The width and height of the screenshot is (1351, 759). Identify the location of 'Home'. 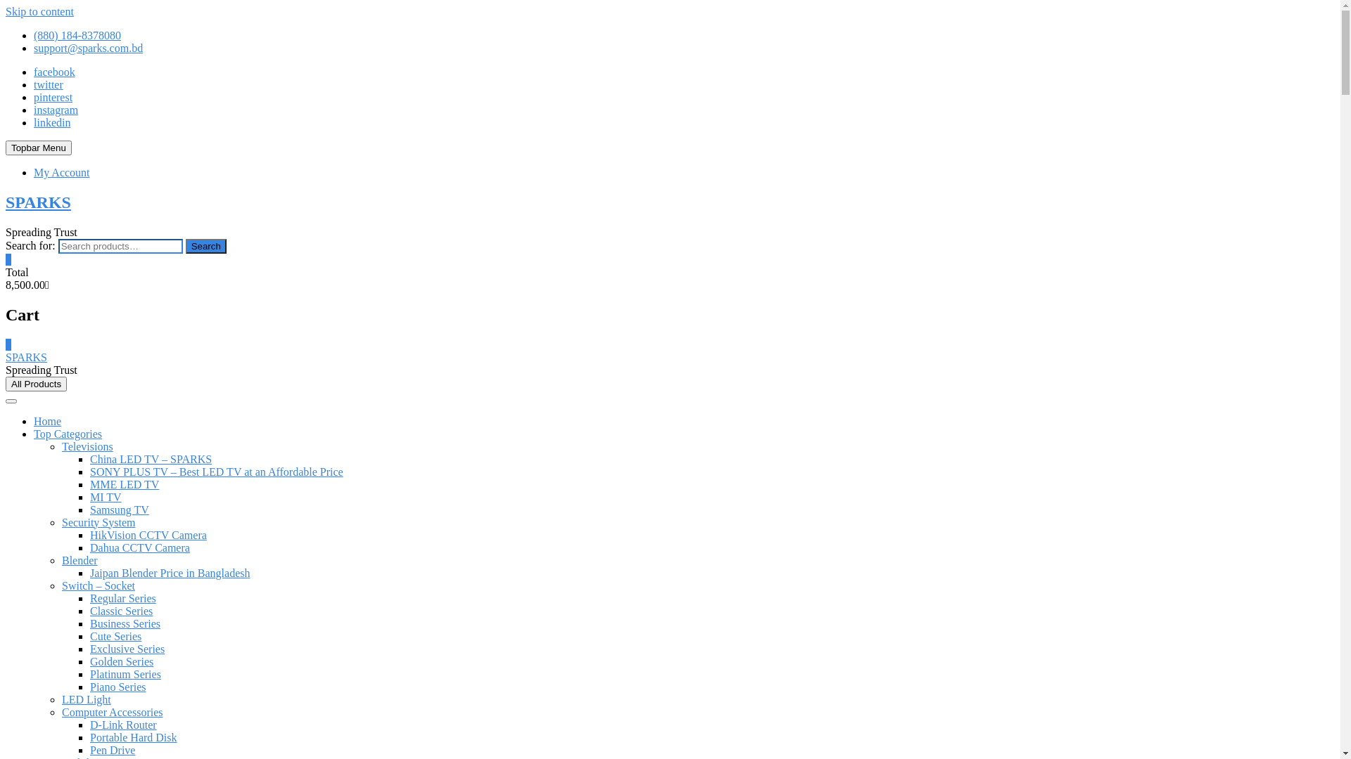
(47, 420).